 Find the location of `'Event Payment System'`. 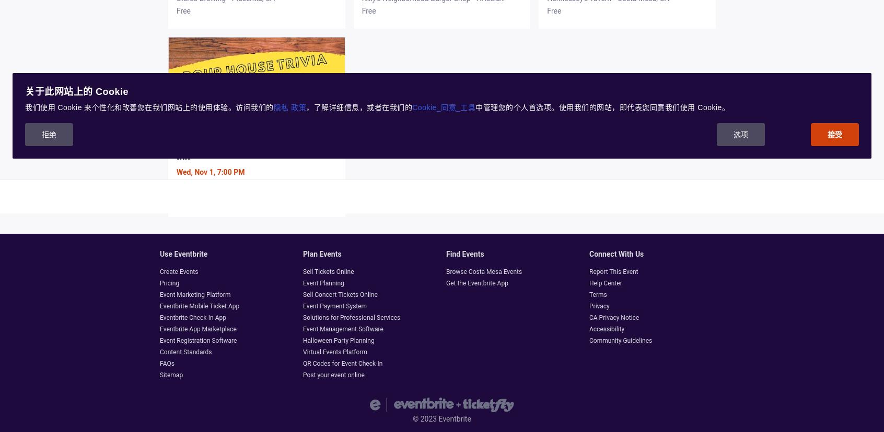

'Event Payment System' is located at coordinates (334, 306).